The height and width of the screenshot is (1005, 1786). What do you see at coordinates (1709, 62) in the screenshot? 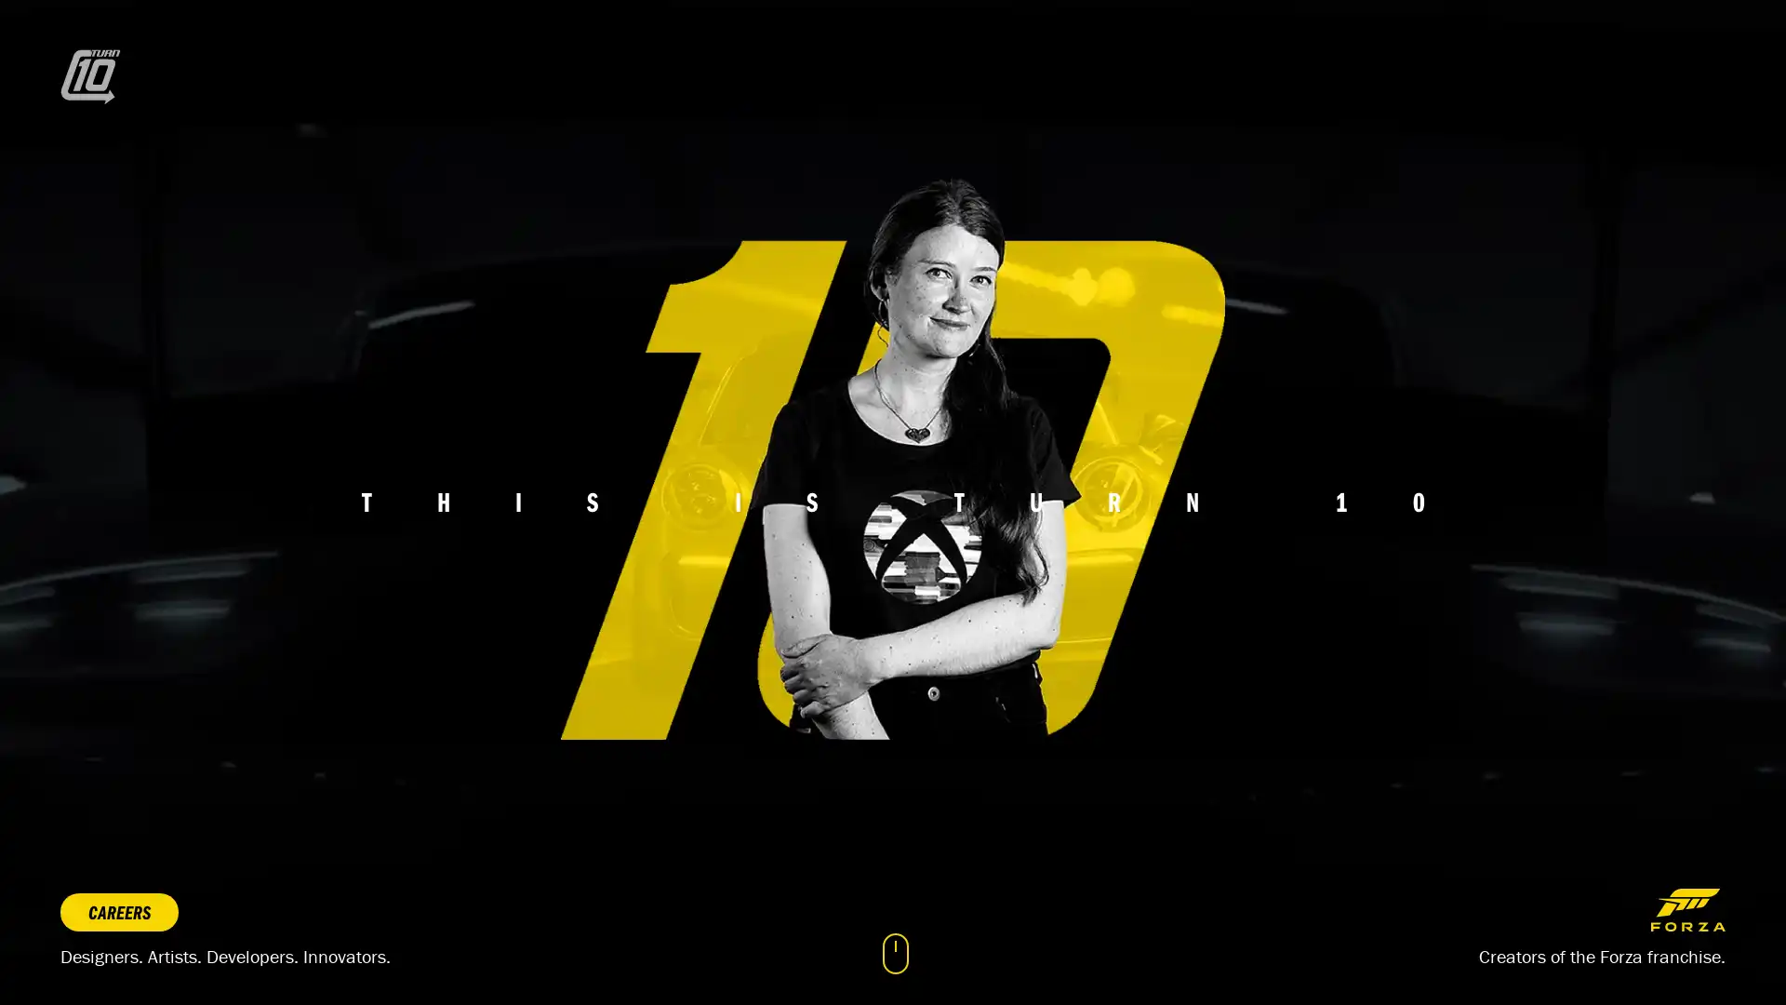
I see `Toggle navigation` at bounding box center [1709, 62].